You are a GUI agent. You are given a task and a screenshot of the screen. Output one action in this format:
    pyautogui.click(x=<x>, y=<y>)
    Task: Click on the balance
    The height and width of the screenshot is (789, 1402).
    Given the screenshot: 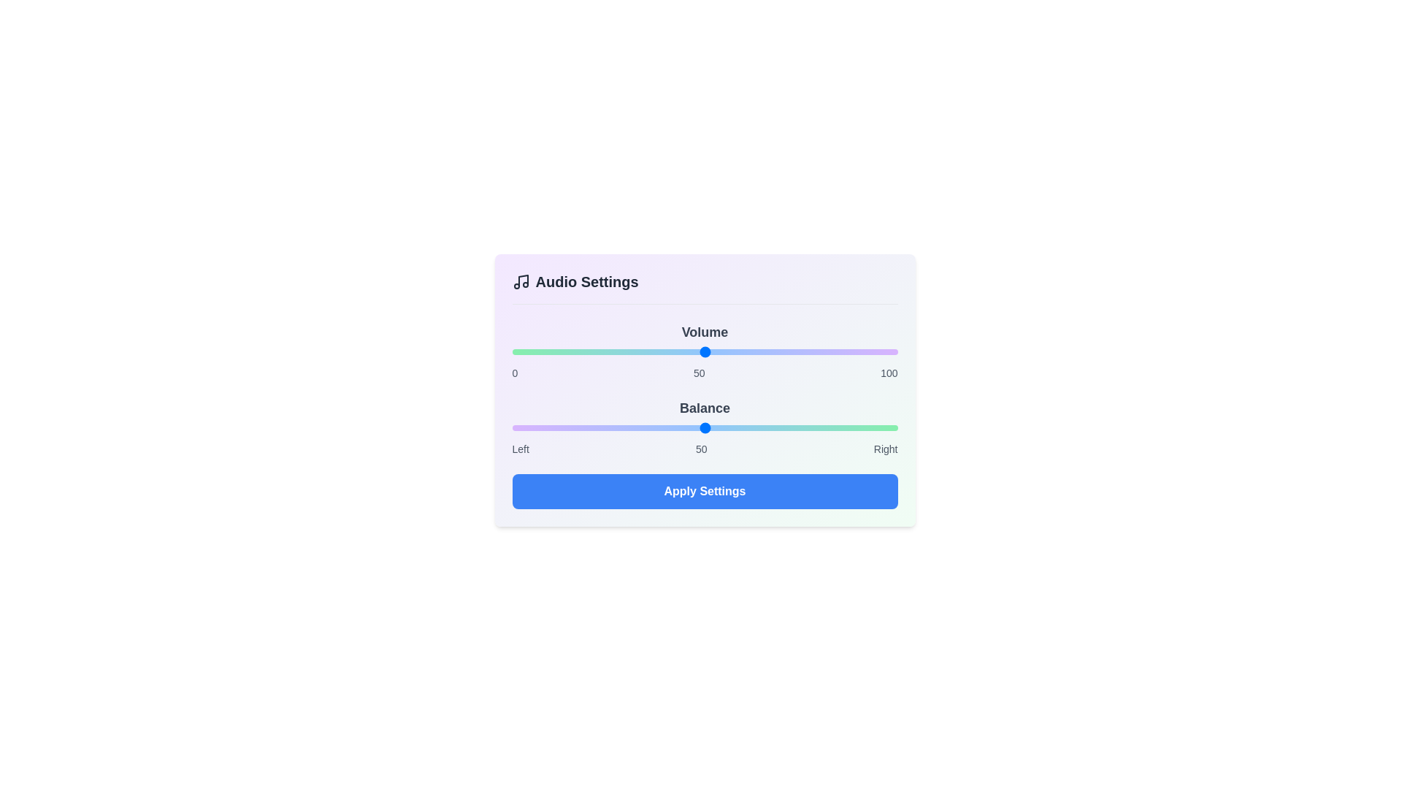 What is the action you would take?
    pyautogui.click(x=585, y=427)
    